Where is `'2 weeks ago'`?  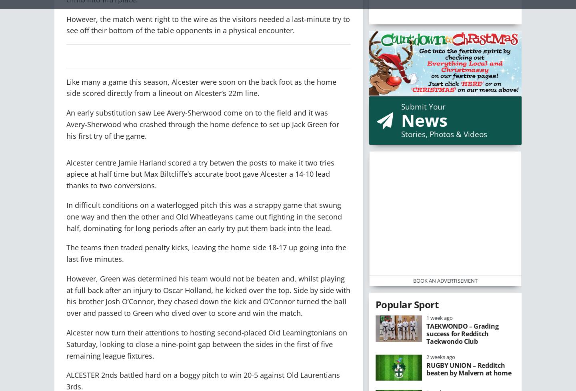
'2 weeks ago' is located at coordinates (440, 356).